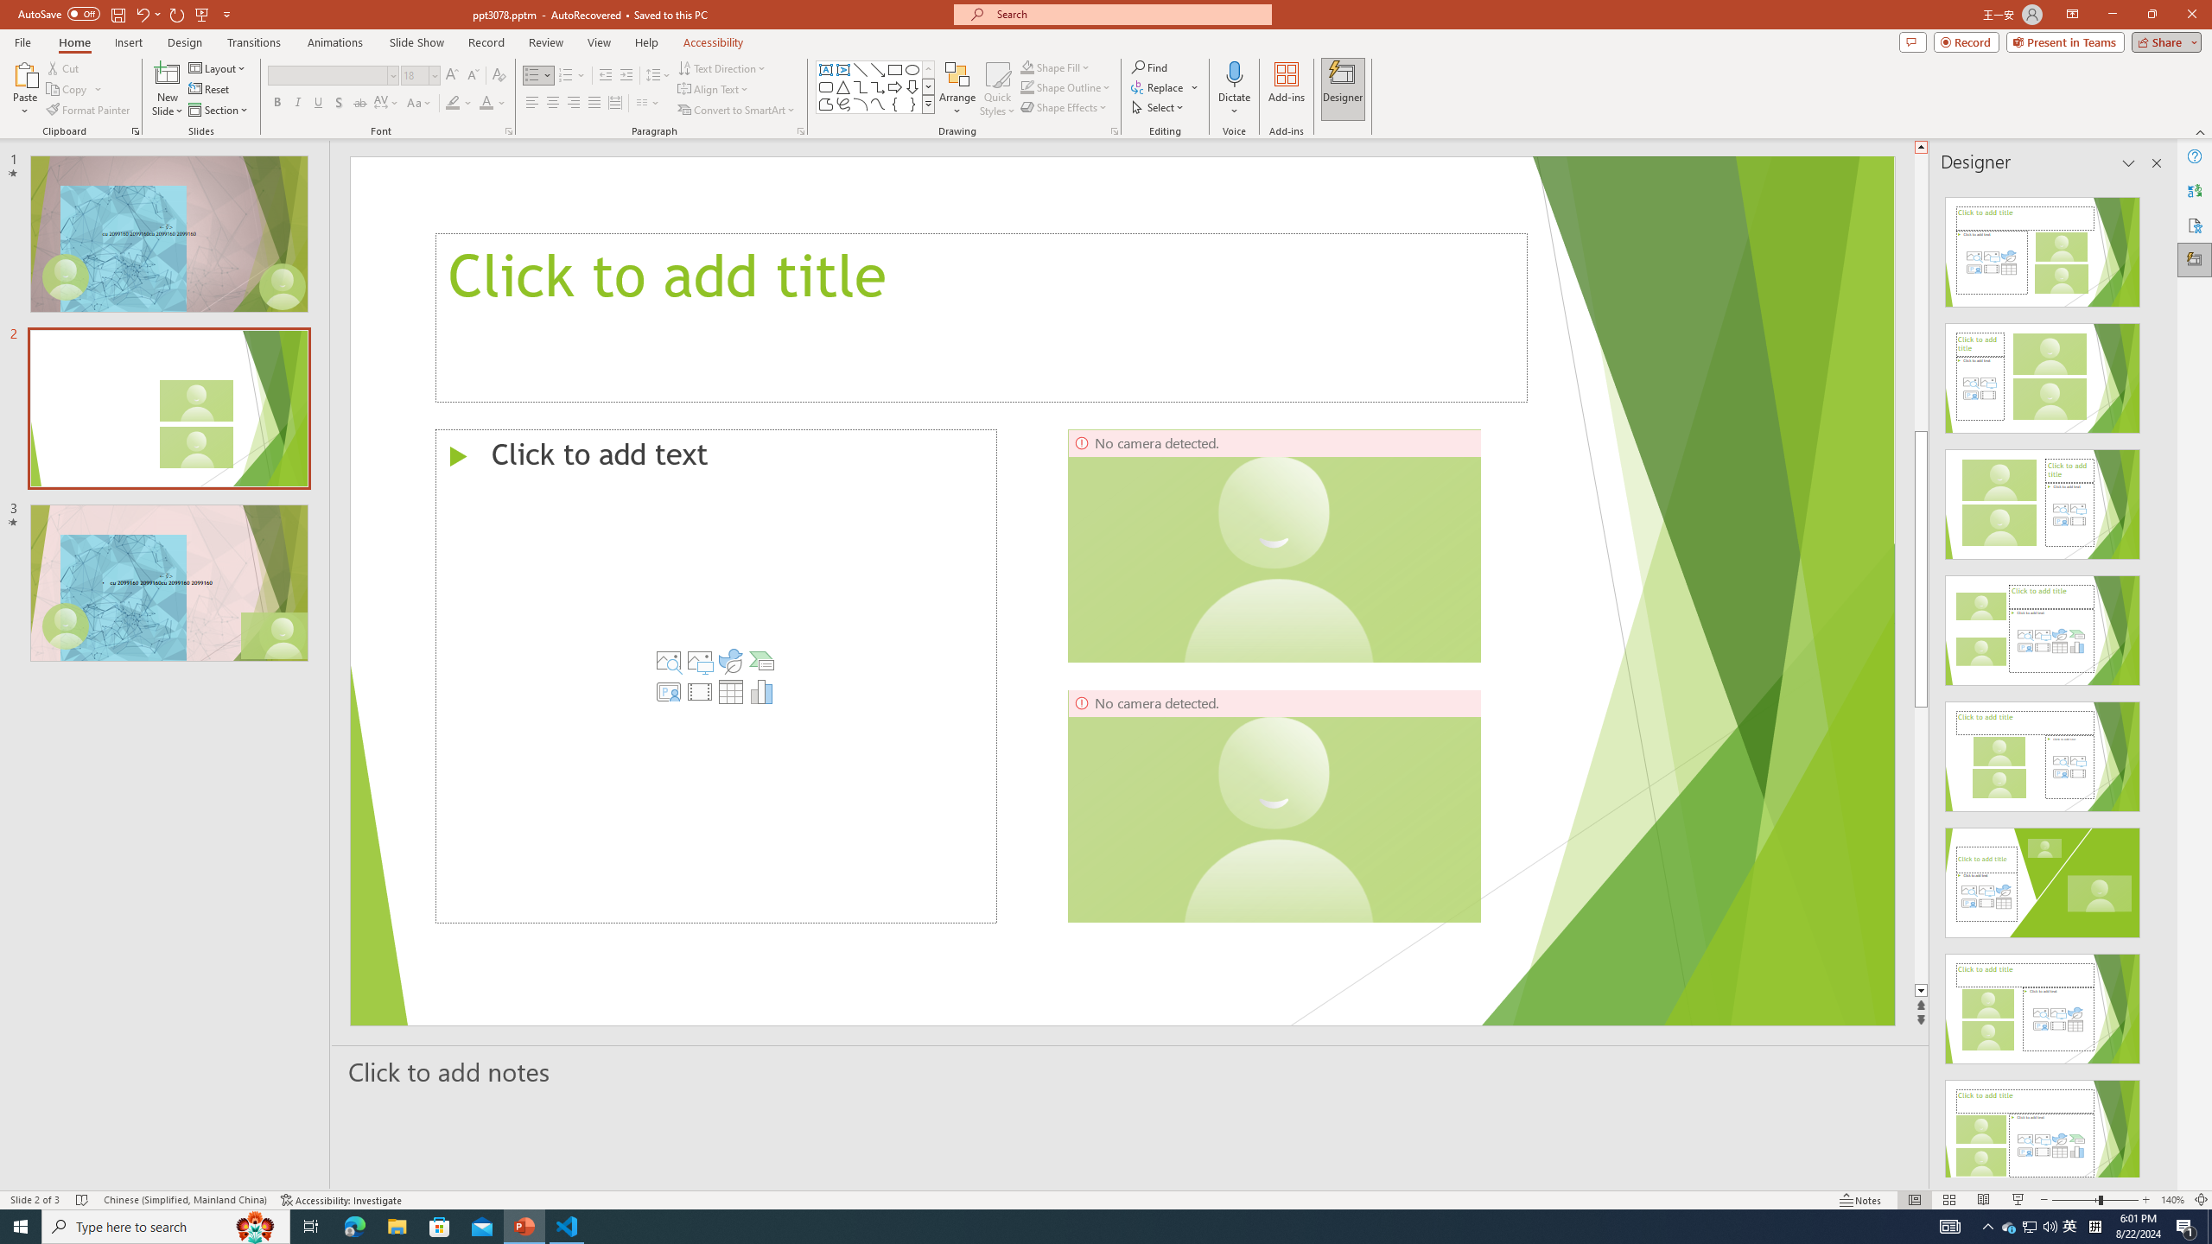 Image resolution: width=2212 pixels, height=1244 pixels. Describe the element at coordinates (715, 675) in the screenshot. I see `'Content Placeholder'` at that location.